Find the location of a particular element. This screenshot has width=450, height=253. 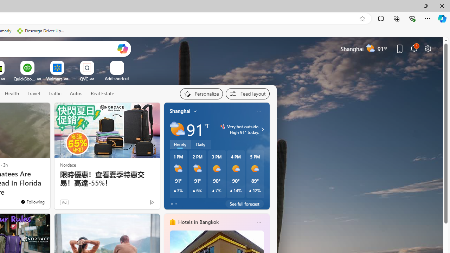

'Health' is located at coordinates (12, 93).